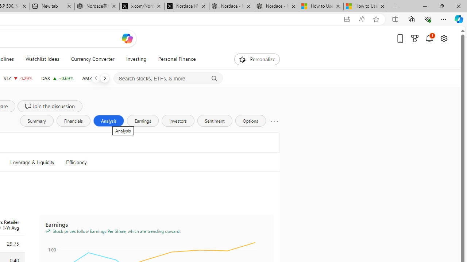 The height and width of the screenshot is (262, 467). Describe the element at coordinates (443, 38) in the screenshot. I see `'Open settings'` at that location.